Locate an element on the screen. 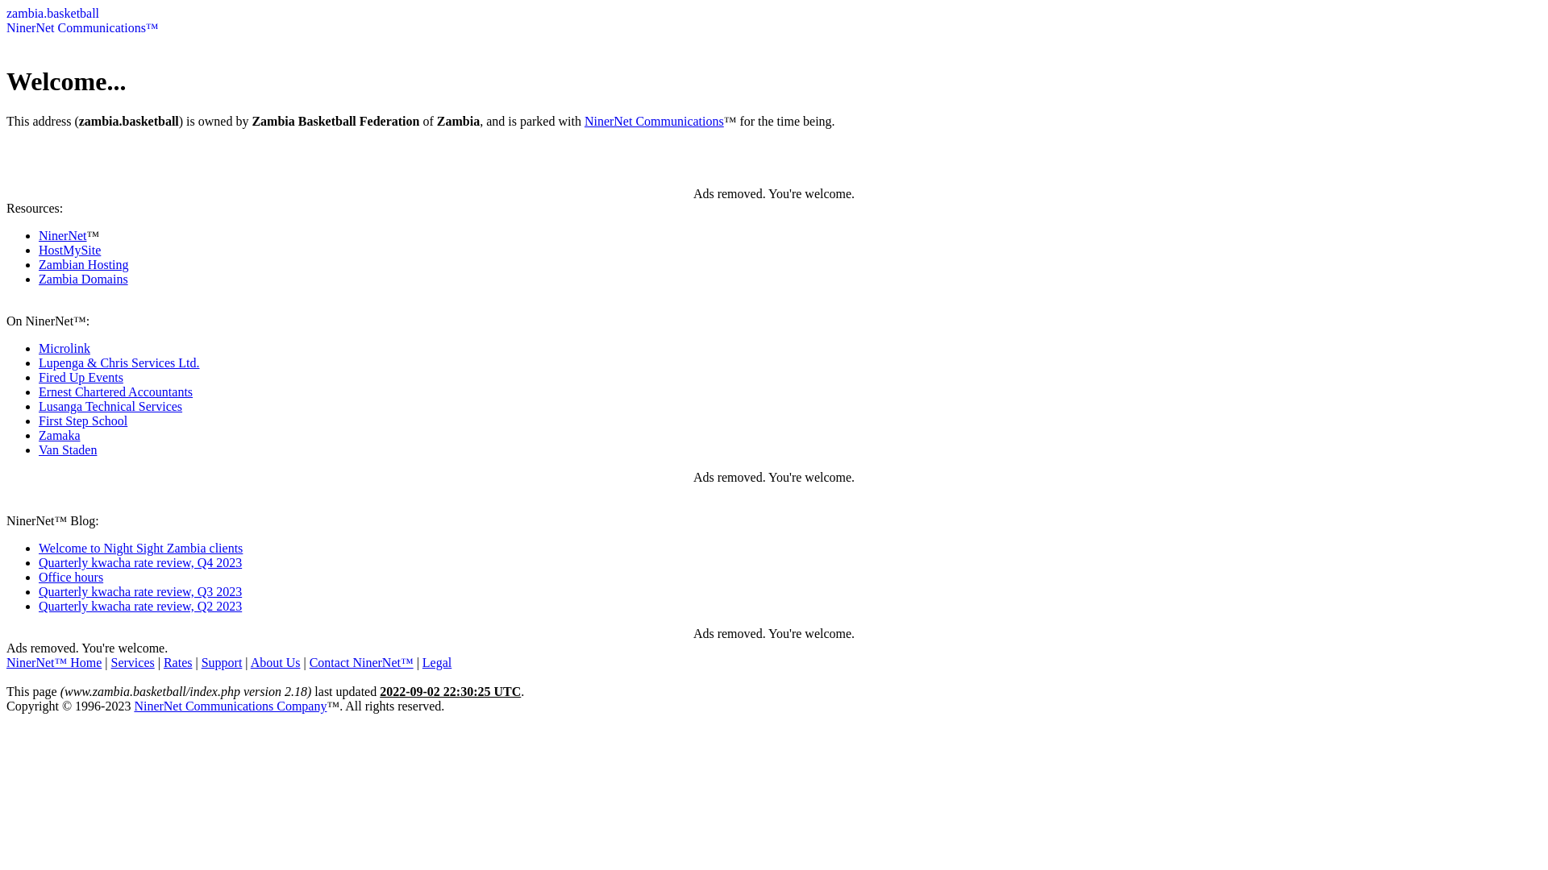 This screenshot has width=1548, height=870. 'HostMySite' is located at coordinates (69, 250).